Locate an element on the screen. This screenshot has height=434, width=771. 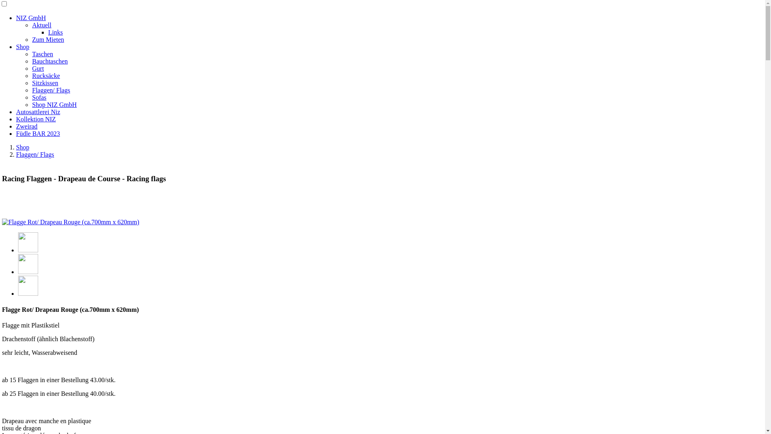
'Zum Mieten' is located at coordinates (32, 39).